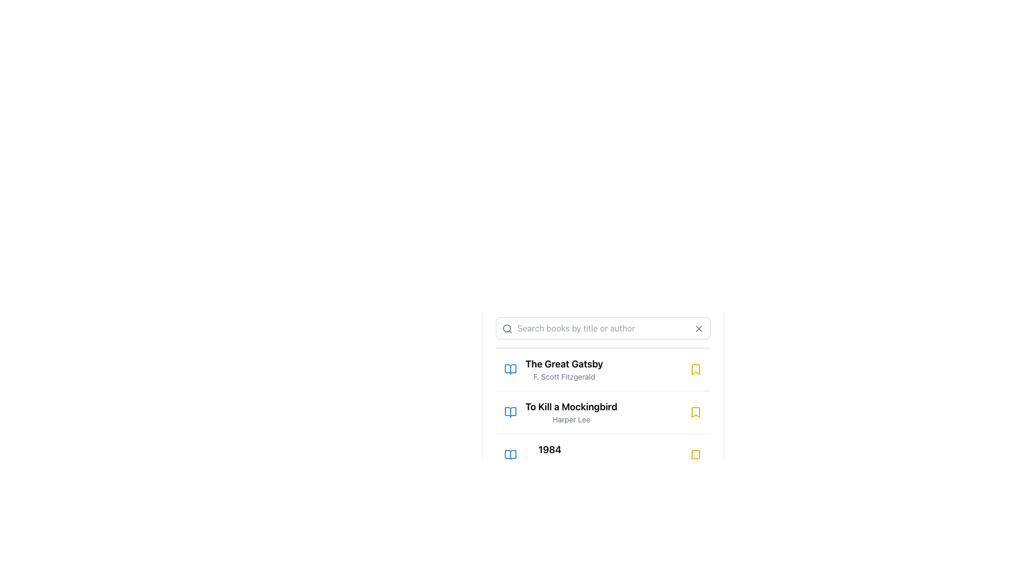 The height and width of the screenshot is (571, 1016). What do you see at coordinates (570, 419) in the screenshot?
I see `text label that displays 'Harper Lee', which is a smaller gray font located beneath the bold title 'To Kill a Mockingbird'` at bounding box center [570, 419].